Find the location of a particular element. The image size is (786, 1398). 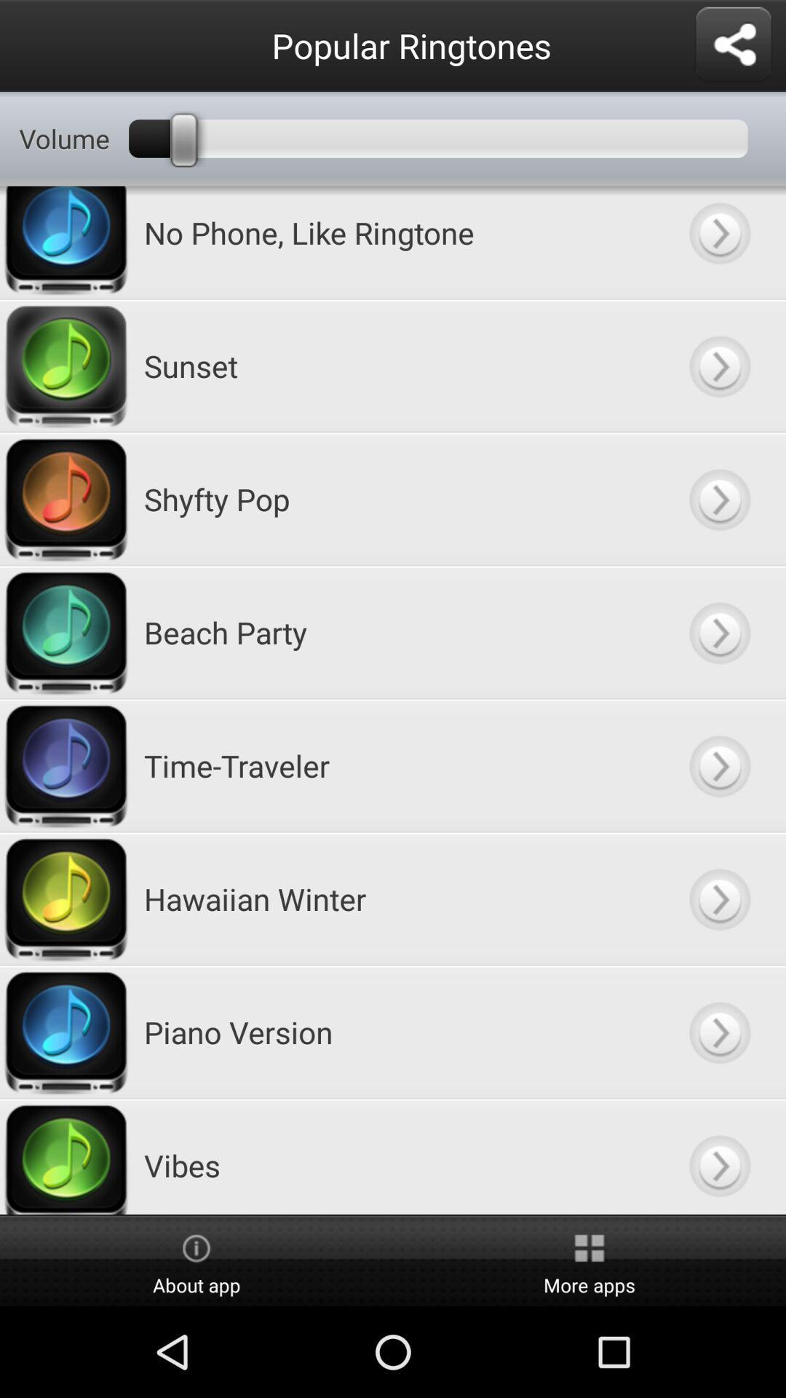

audio is located at coordinates (718, 1031).